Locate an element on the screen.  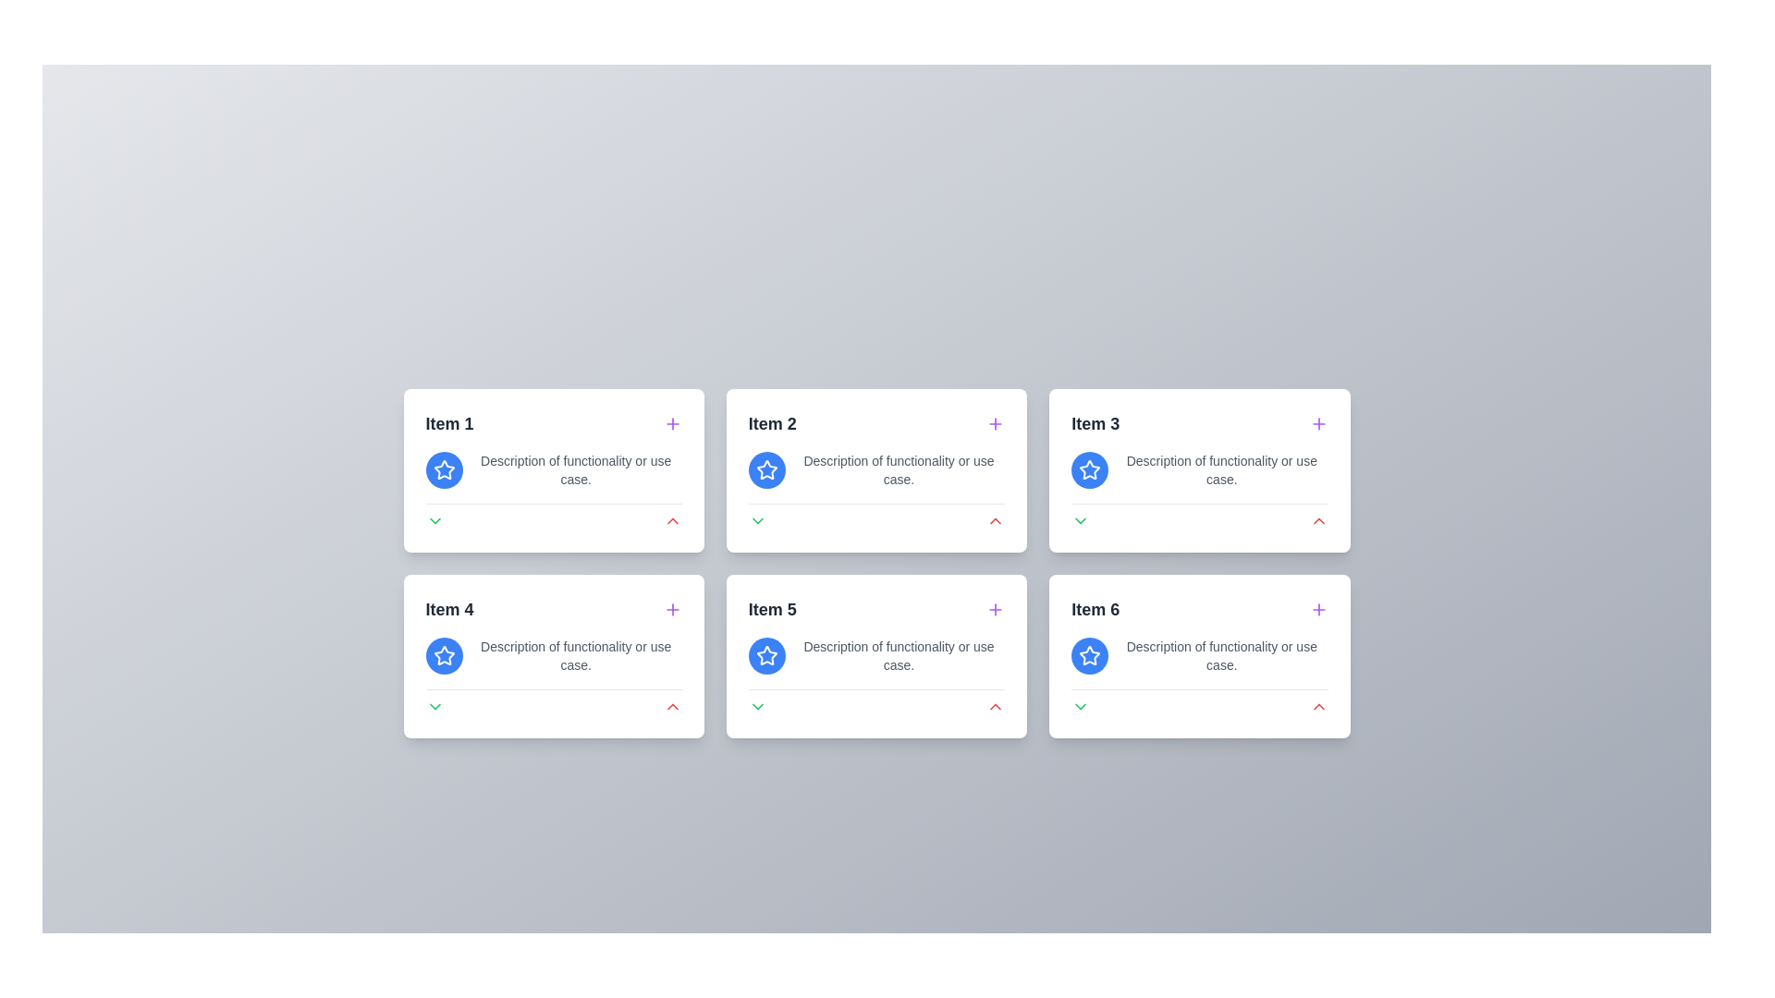
the circular blue icon with a white star in the center, located in the second row, first column of the grid under the card labeled 'Item 5' is located at coordinates (766, 654).